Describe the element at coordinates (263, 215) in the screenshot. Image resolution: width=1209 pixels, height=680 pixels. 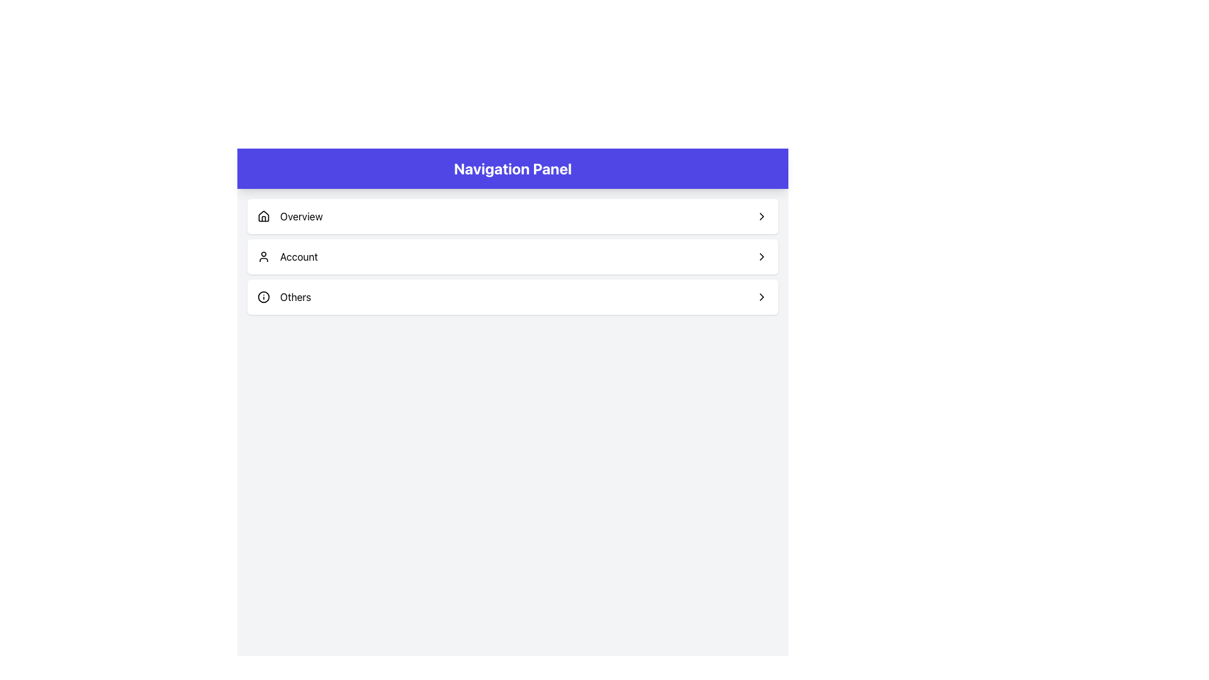
I see `the house-shaped icon located in the left portion of the navigation panel entry titled 'Overview'` at that location.